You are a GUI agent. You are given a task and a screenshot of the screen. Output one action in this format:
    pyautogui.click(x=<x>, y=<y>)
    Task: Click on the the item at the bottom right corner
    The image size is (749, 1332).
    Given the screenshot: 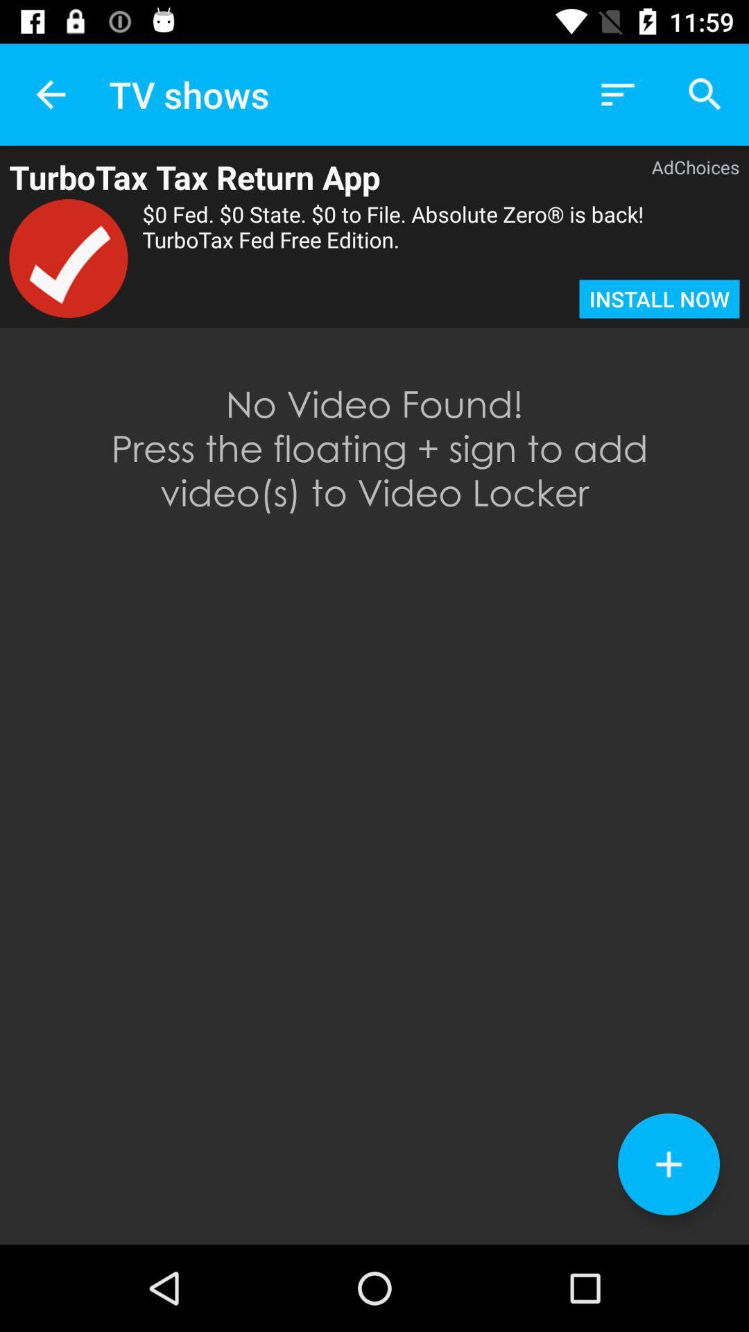 What is the action you would take?
    pyautogui.click(x=668, y=1164)
    